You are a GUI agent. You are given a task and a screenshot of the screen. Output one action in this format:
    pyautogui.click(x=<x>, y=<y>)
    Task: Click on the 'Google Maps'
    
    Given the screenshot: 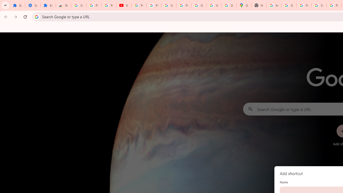 What is the action you would take?
    pyautogui.click(x=244, y=5)
    